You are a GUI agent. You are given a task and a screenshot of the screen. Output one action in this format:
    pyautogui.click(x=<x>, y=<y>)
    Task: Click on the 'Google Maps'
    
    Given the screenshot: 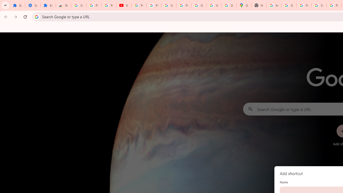 What is the action you would take?
    pyautogui.click(x=244, y=5)
    